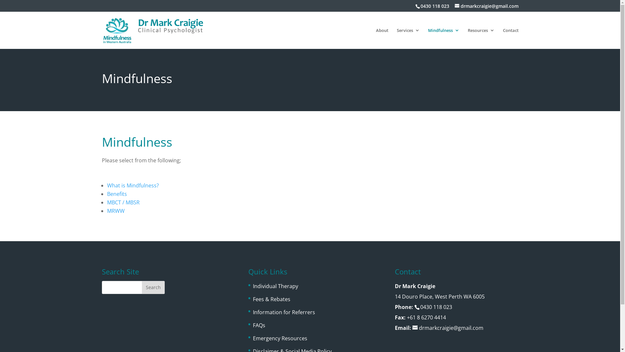 The width and height of the screenshot is (625, 352). Describe the element at coordinates (481, 38) in the screenshot. I see `'Resources'` at that location.